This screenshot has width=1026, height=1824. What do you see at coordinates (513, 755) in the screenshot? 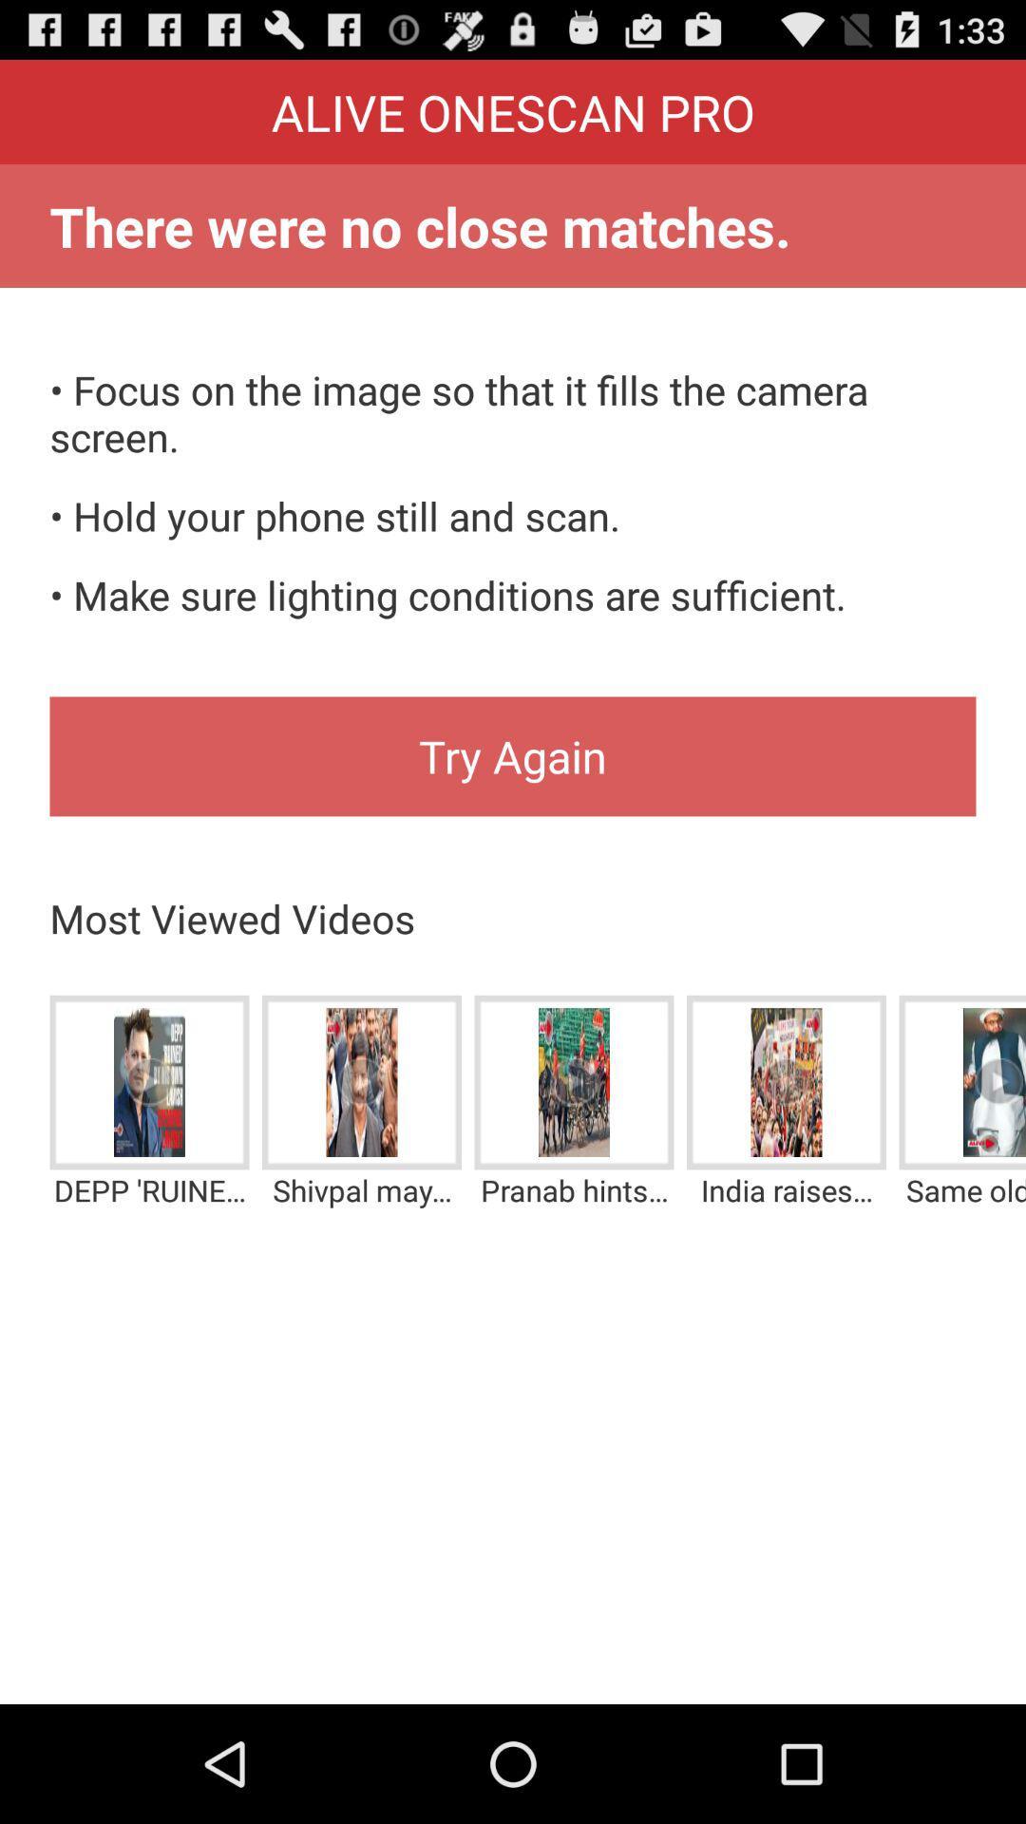
I see `the try again item` at bounding box center [513, 755].